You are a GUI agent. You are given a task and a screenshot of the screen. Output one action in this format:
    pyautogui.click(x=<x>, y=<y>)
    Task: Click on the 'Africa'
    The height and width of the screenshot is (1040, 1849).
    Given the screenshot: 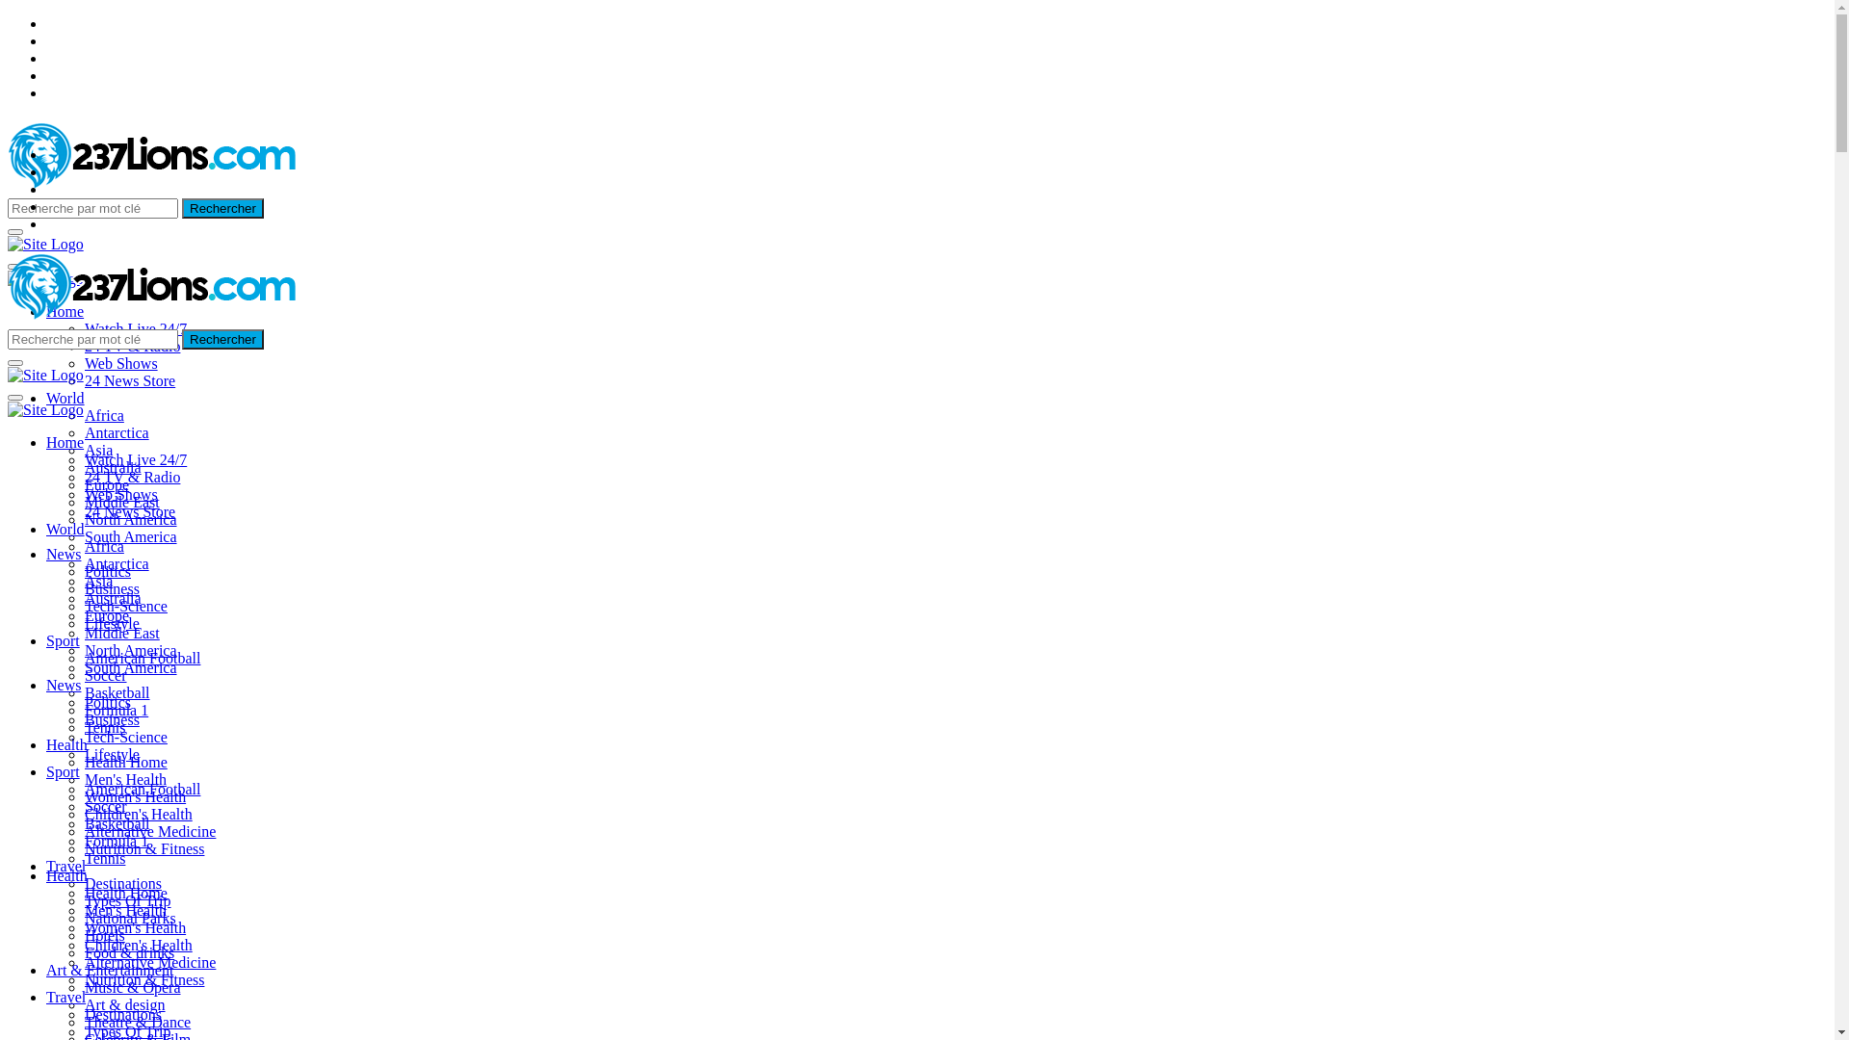 What is the action you would take?
    pyautogui.click(x=83, y=414)
    